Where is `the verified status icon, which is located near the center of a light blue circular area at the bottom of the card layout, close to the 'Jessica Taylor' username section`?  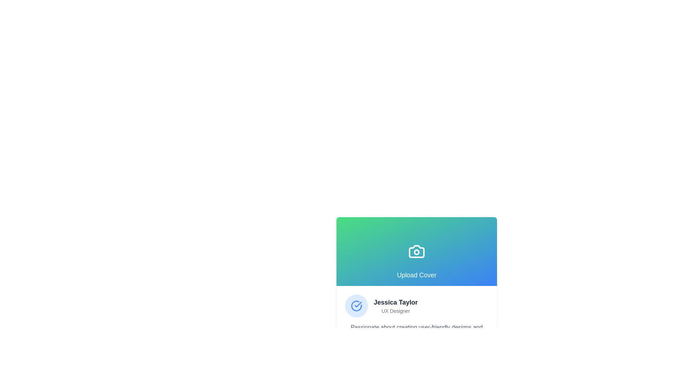
the verified status icon, which is located near the center of a light blue circular area at the bottom of the card layout, close to the 'Jessica Taylor' username section is located at coordinates (356, 306).